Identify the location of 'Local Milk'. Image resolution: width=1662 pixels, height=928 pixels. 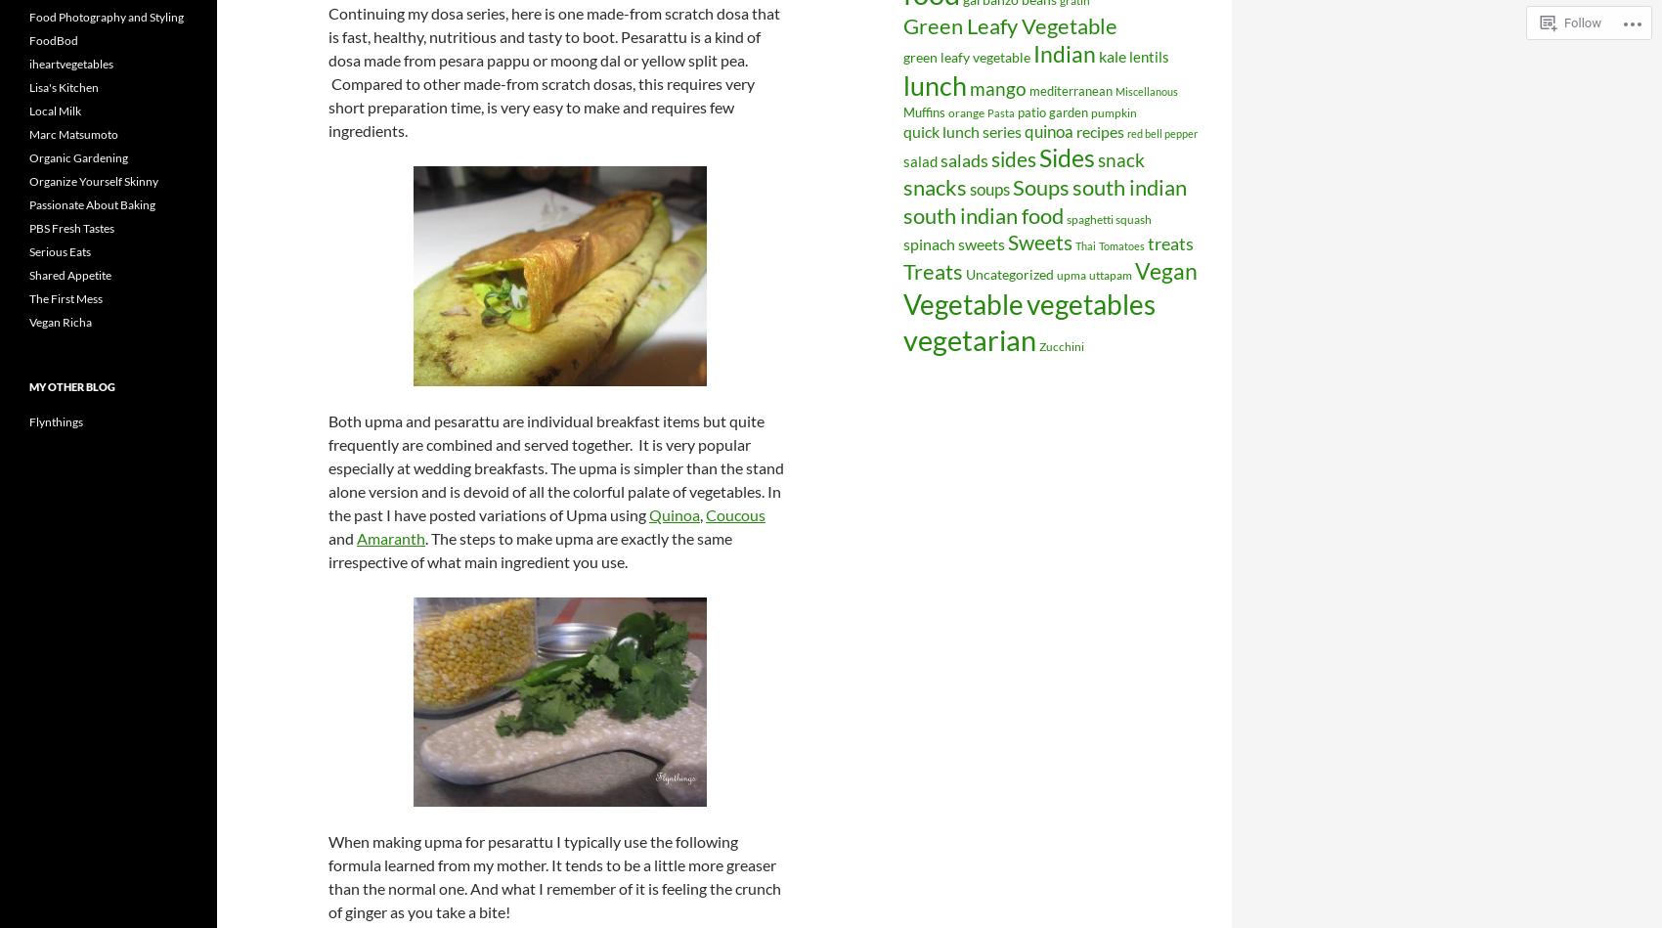
(55, 110).